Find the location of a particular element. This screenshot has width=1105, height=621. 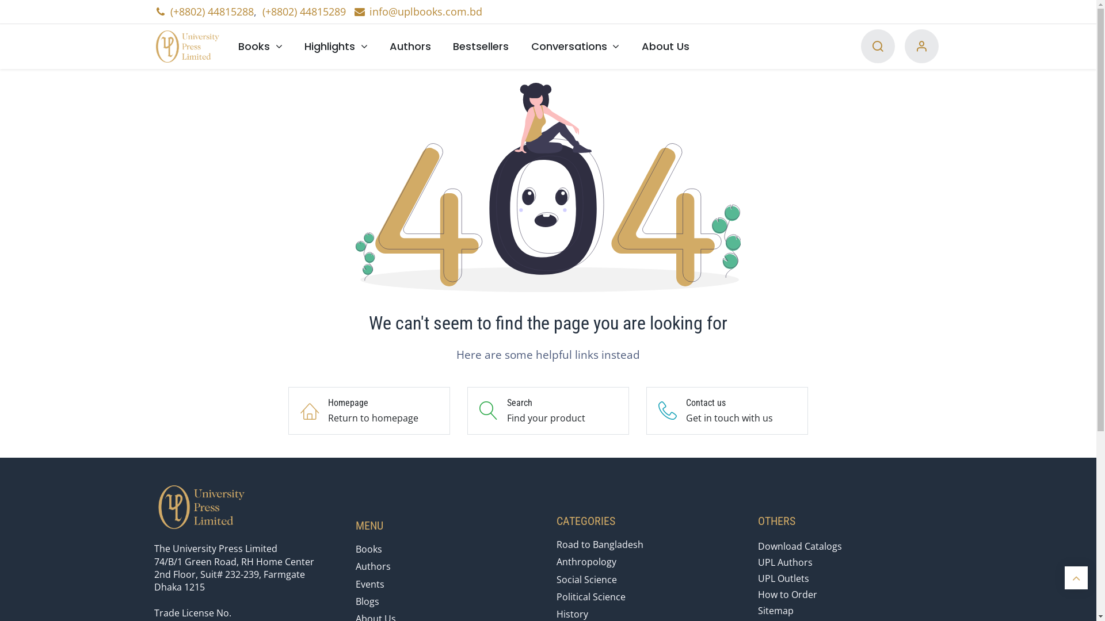

'How to Order' is located at coordinates (787, 594).